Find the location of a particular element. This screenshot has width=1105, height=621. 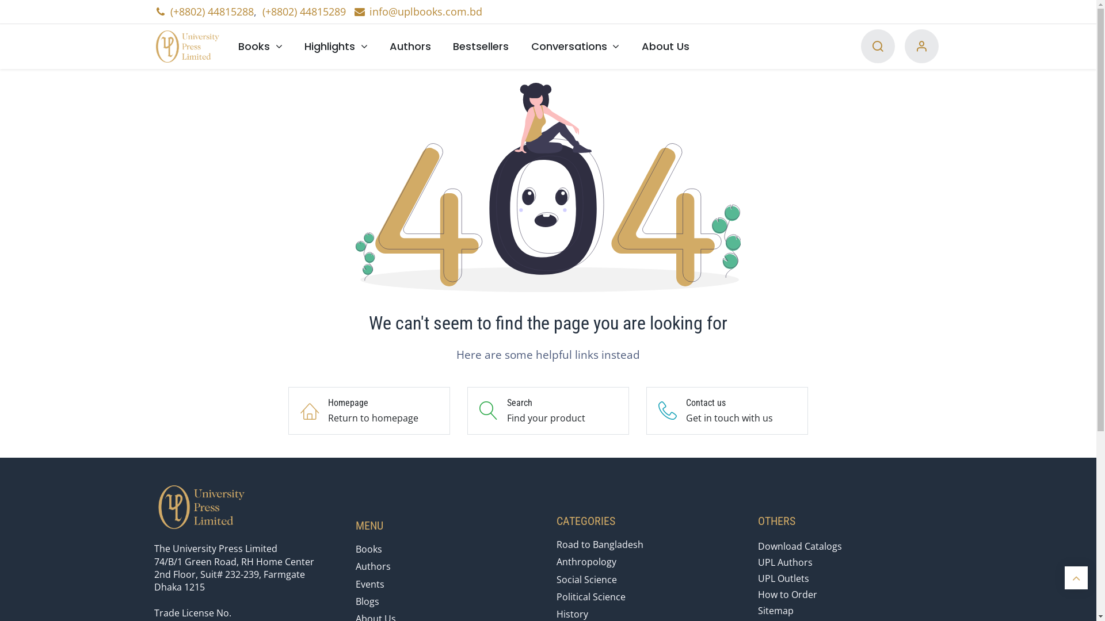

'How to Order' is located at coordinates (787, 594).